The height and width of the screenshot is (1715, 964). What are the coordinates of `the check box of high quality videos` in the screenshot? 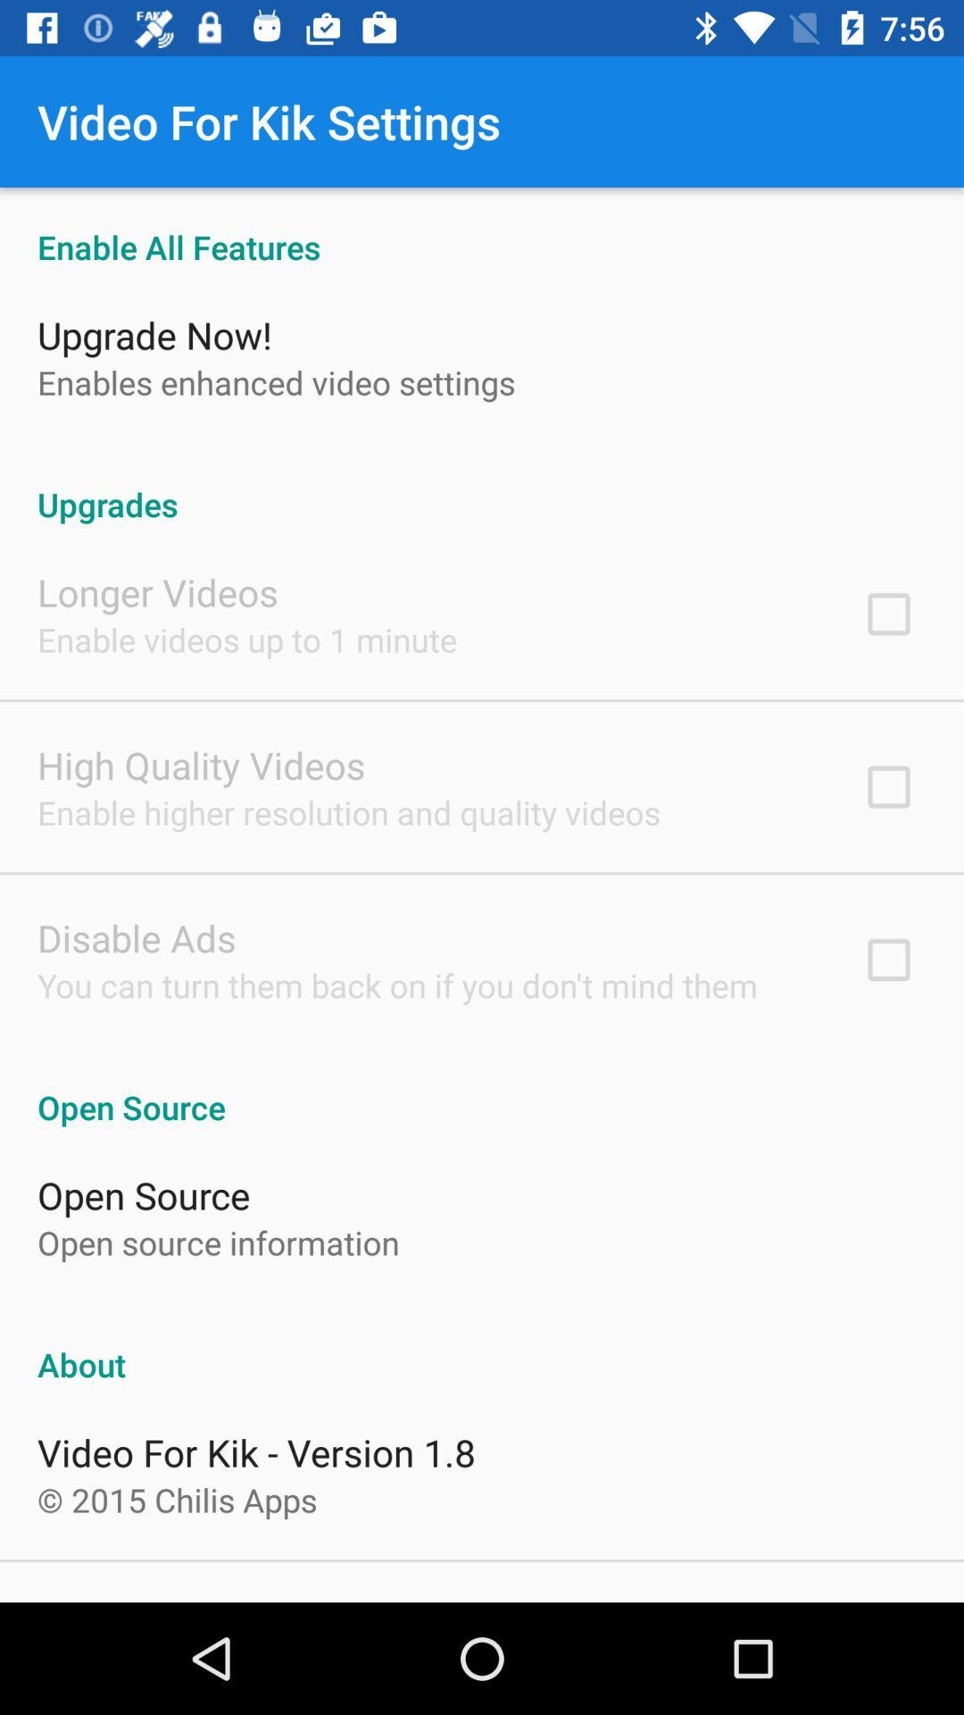 It's located at (888, 786).